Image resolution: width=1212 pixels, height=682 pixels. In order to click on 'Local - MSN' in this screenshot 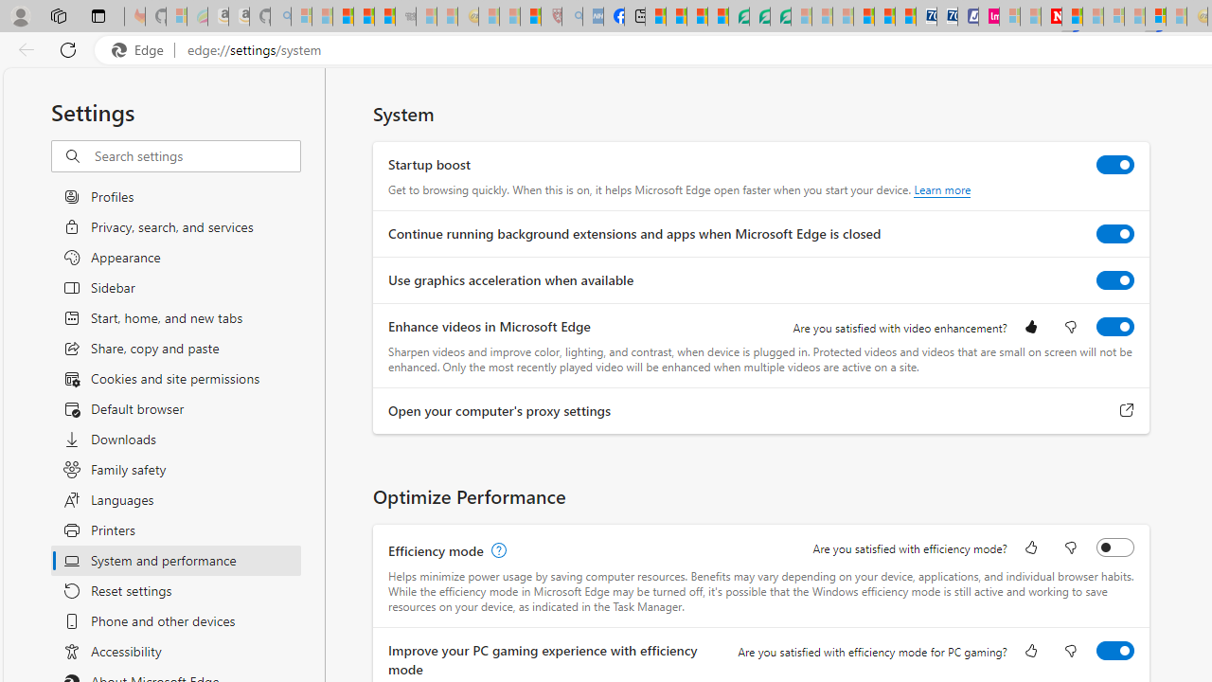, I will do `click(530, 16)`.